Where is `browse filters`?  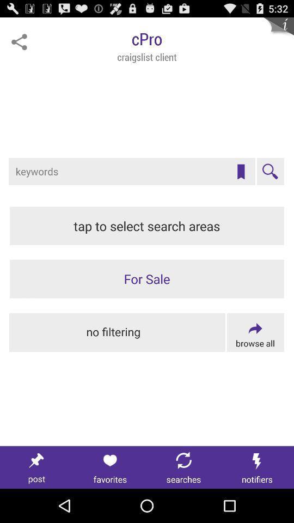
browse filters is located at coordinates (255, 332).